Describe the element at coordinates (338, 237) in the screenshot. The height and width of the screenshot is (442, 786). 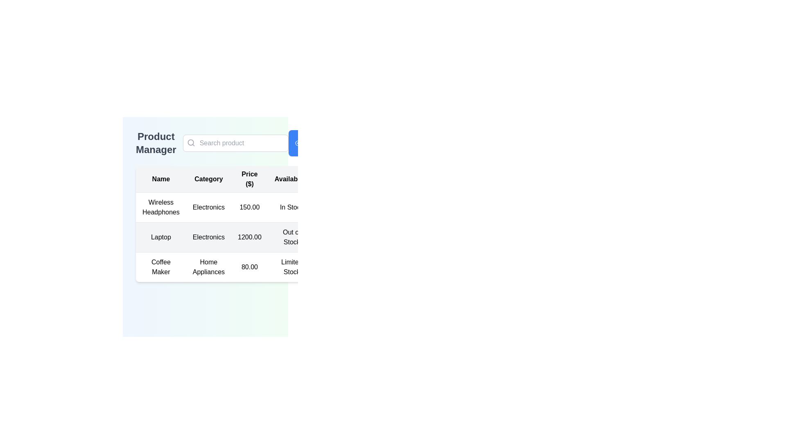
I see `the last empty table cell in the row related to the product 'Laptop', positioned to the right of the 'Out of Stock' cell` at that location.